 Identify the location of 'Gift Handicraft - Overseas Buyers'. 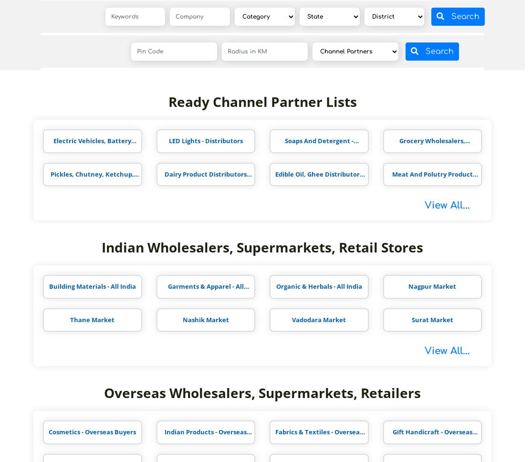
(432, 435).